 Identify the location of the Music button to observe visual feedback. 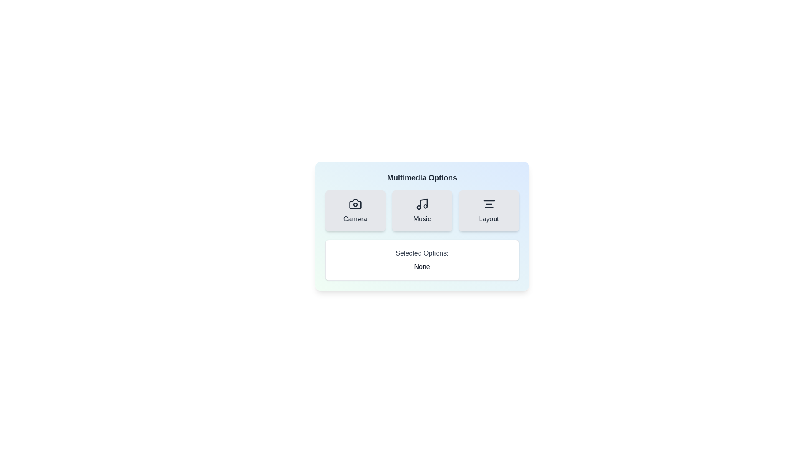
(422, 210).